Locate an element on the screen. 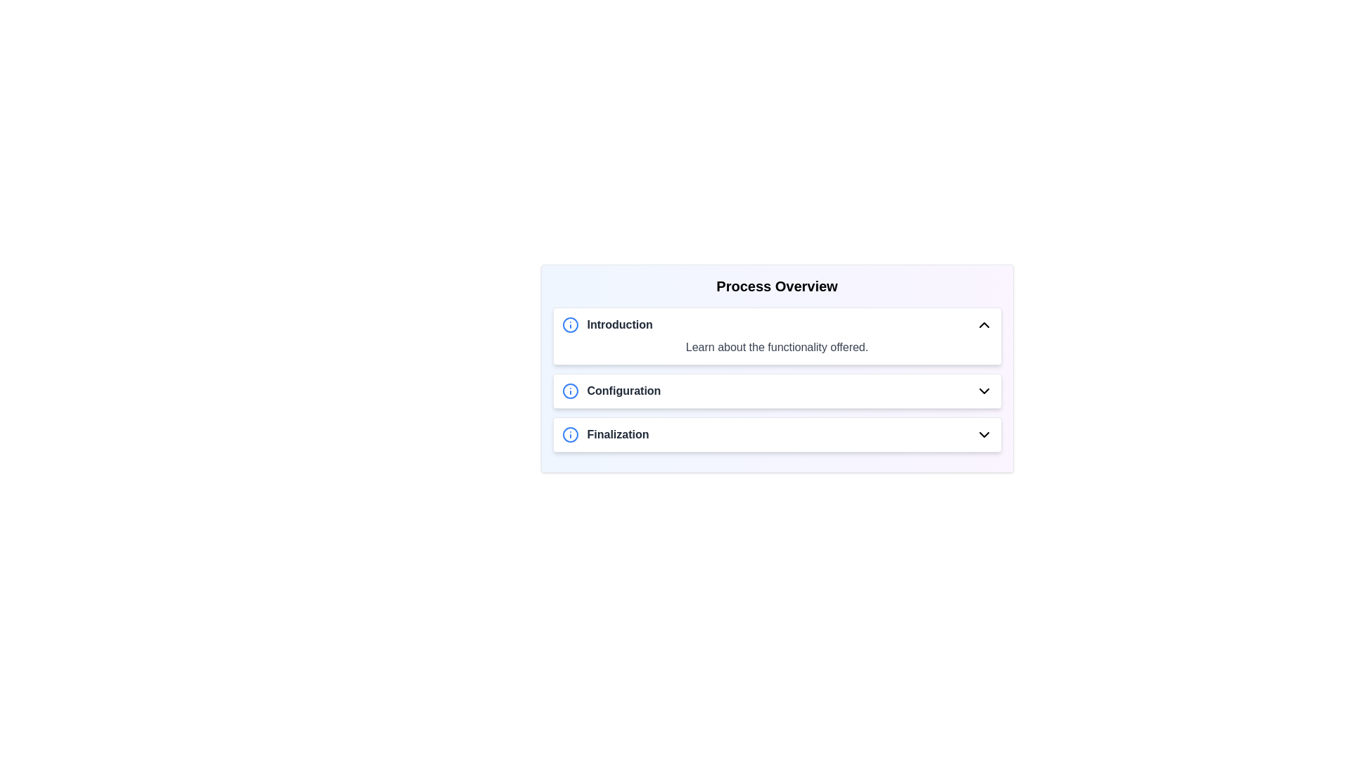 The width and height of the screenshot is (1351, 760). the 'Introduction' text label which is styled in bold, dark gray, positioned to the right of a blue information icon is located at coordinates (619, 325).